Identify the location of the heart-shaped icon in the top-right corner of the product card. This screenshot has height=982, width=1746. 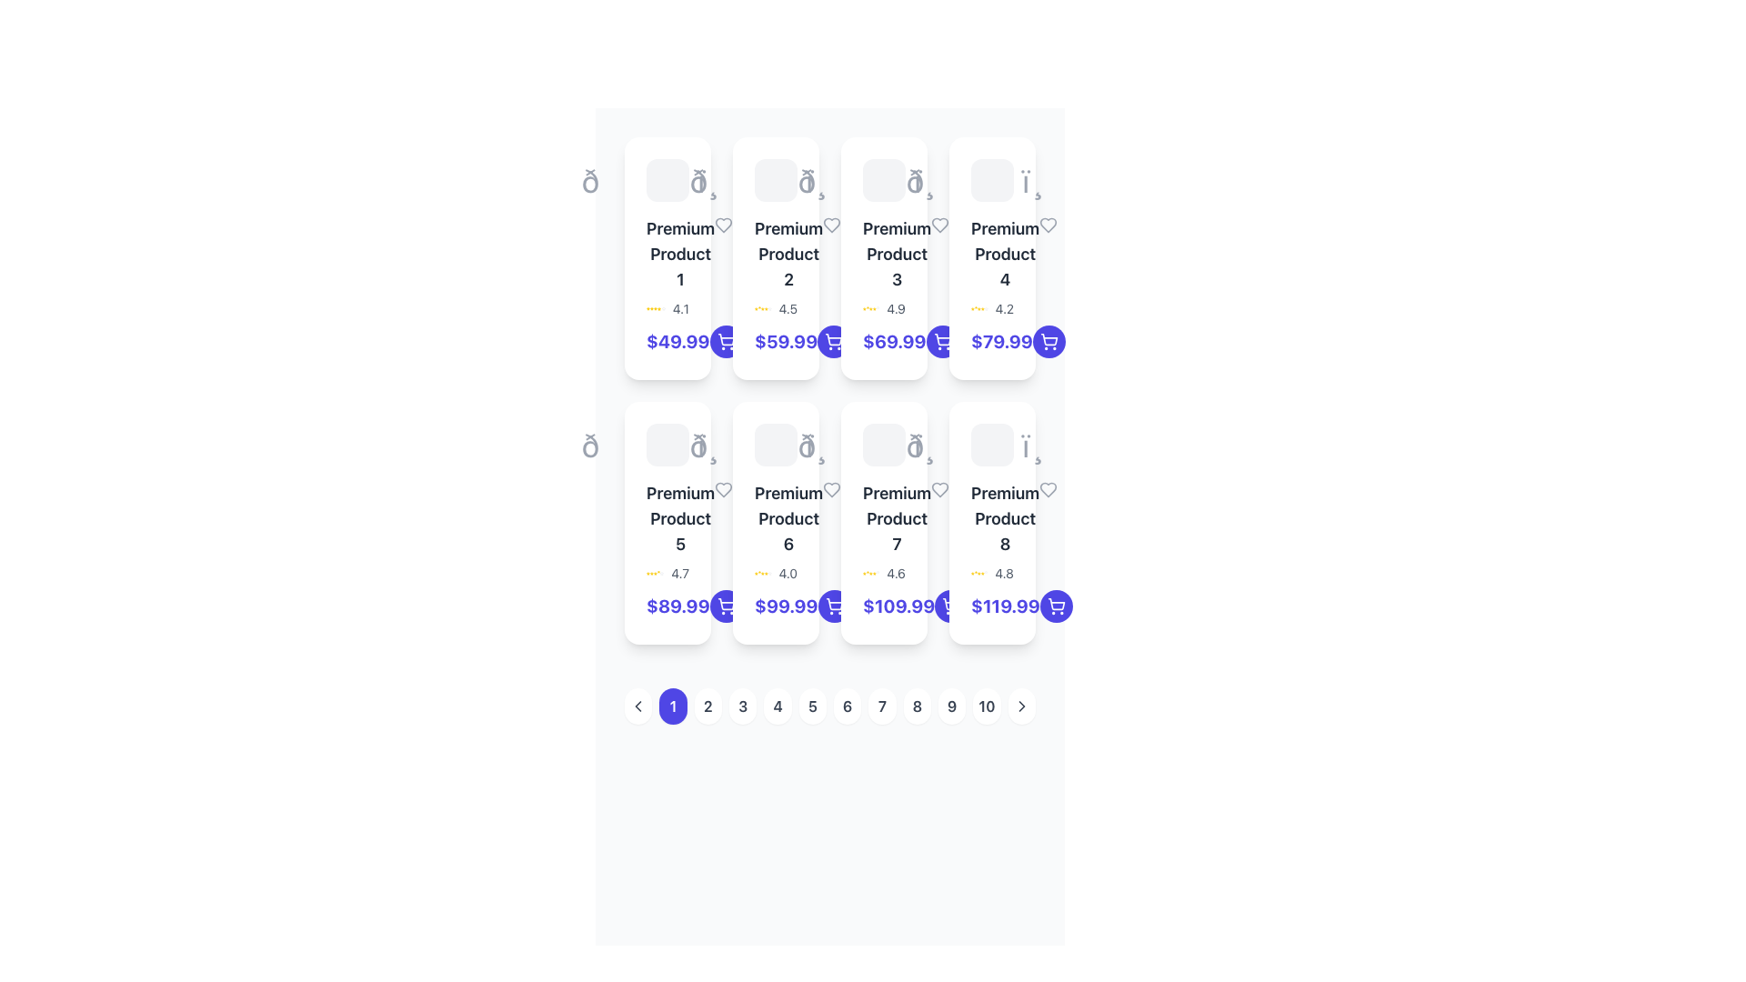
(723, 224).